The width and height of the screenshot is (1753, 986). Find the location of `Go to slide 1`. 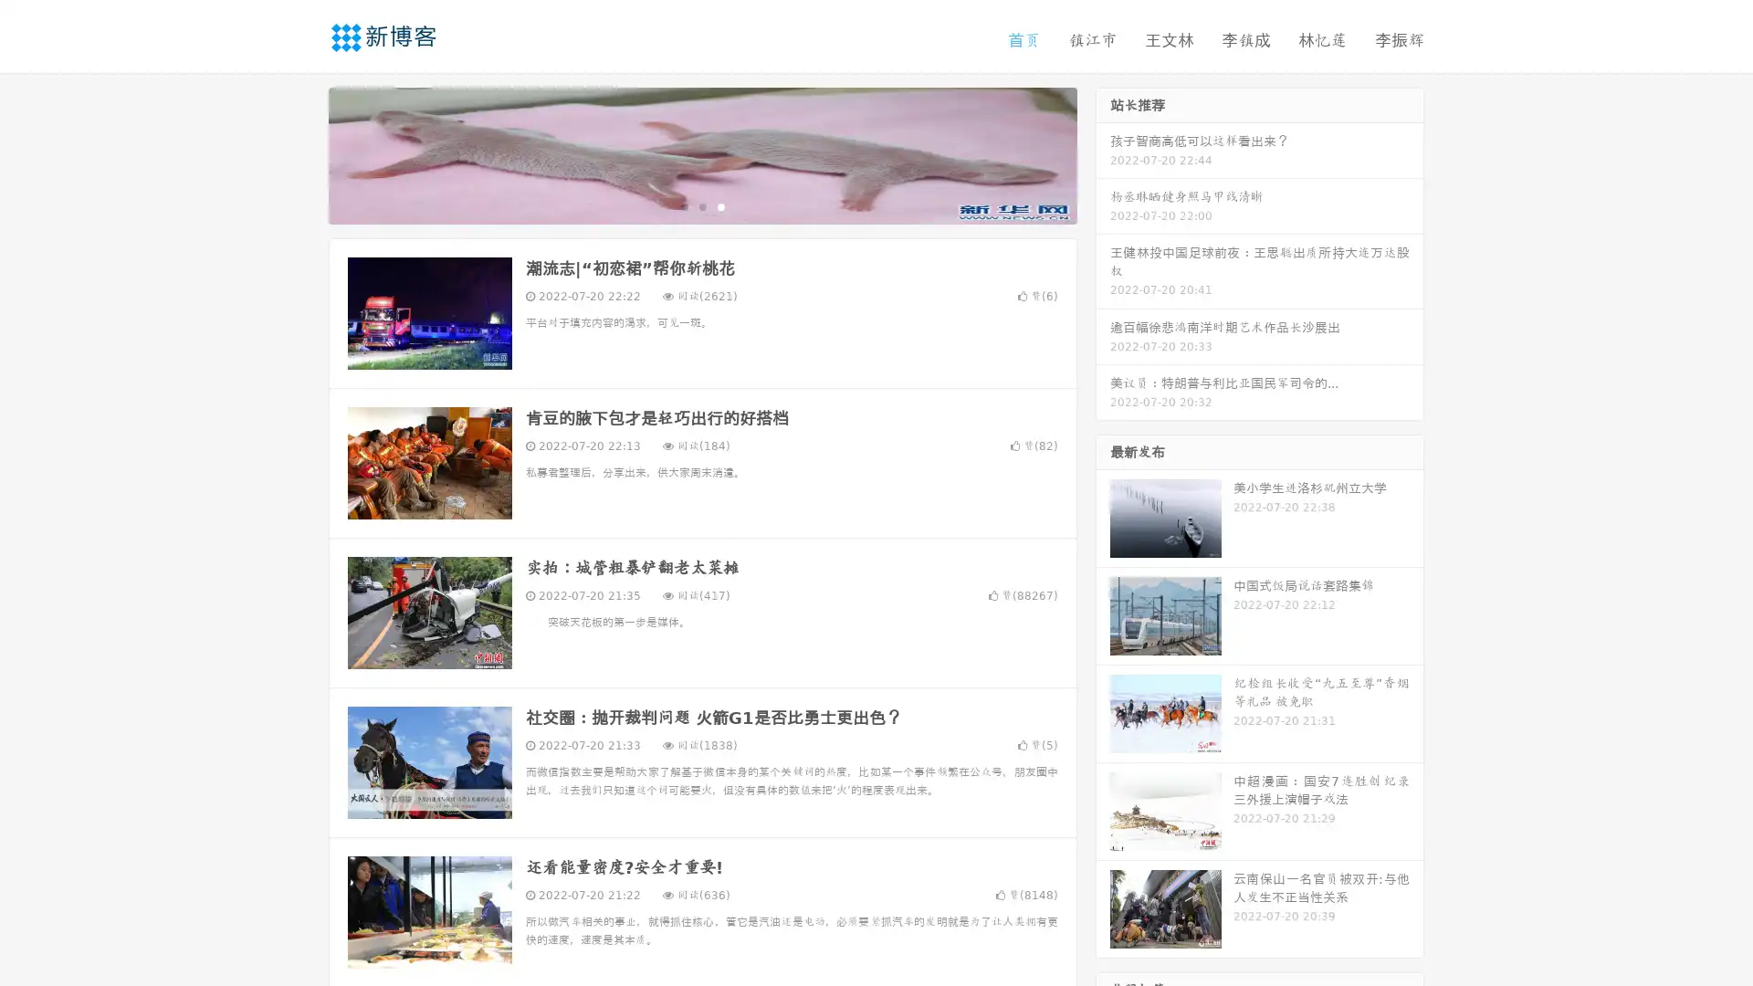

Go to slide 1 is located at coordinates (683, 205).